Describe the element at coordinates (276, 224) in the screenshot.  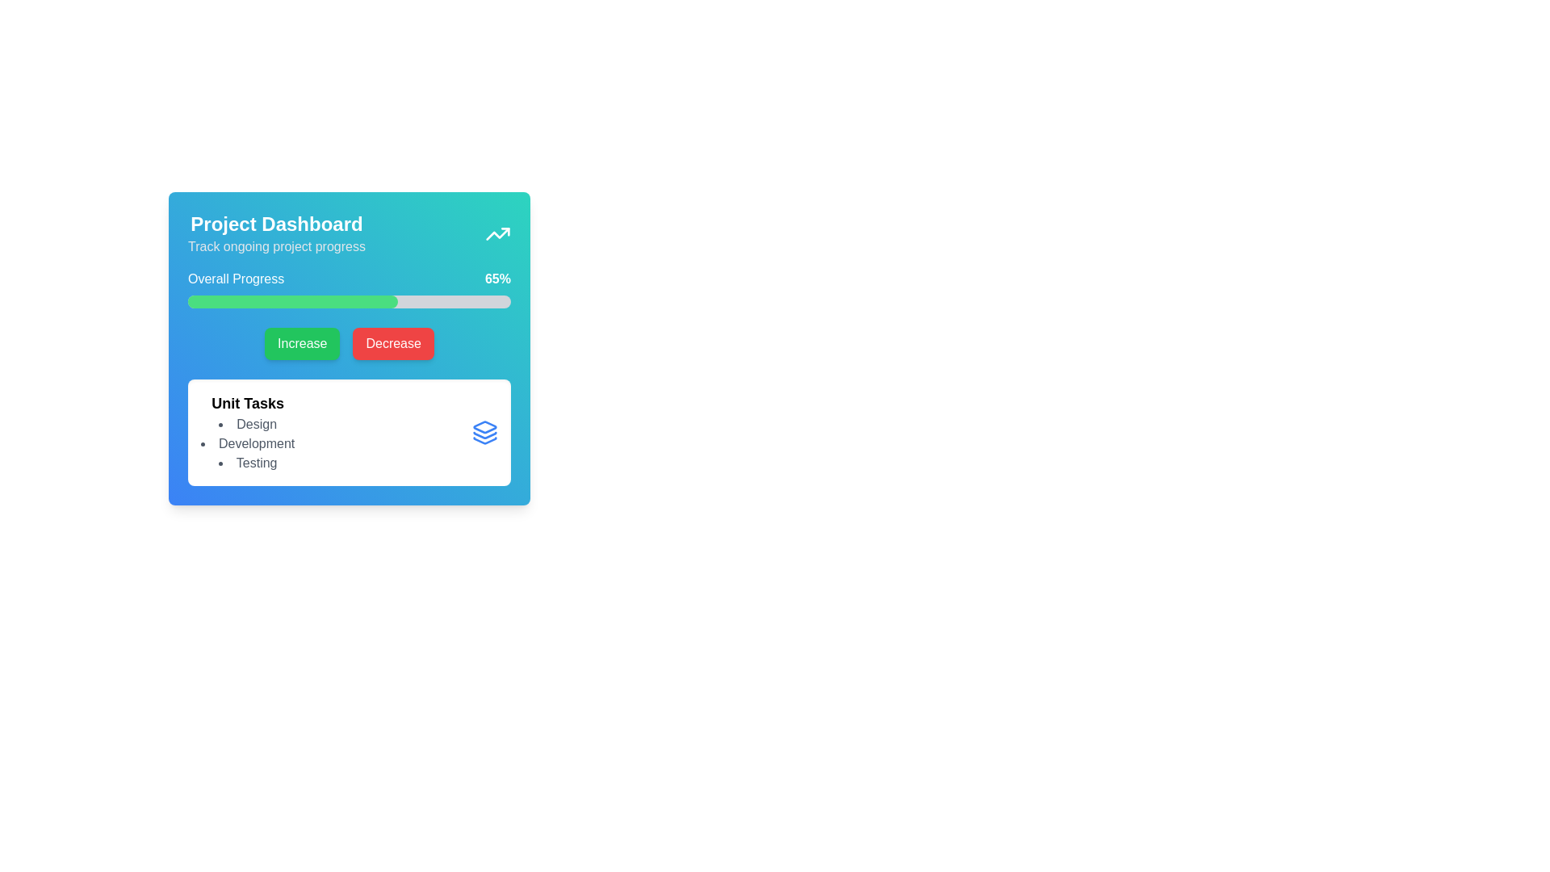
I see `the title text of the card that summarizes its content as 'Project Dashboard', located at the top-left corner of the card-like section` at that location.